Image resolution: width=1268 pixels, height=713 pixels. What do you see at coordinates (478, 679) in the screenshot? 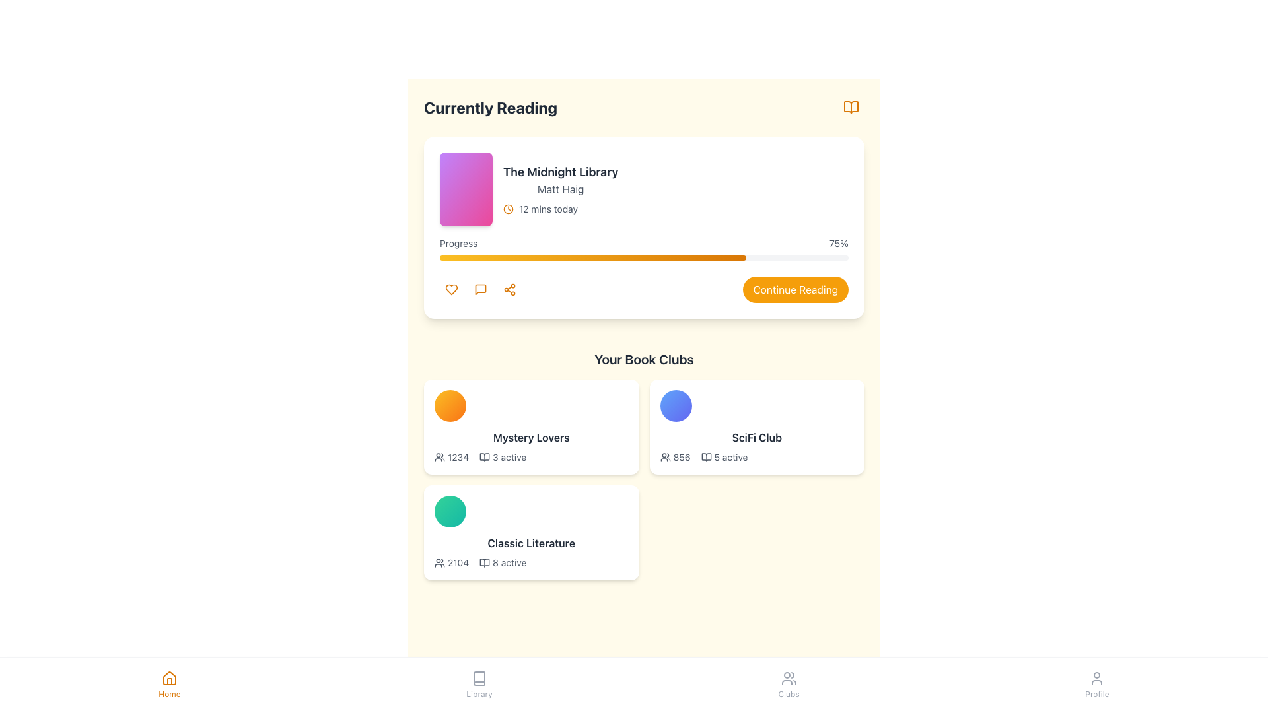
I see `the graphical book icon in the navigation bar` at bounding box center [478, 679].